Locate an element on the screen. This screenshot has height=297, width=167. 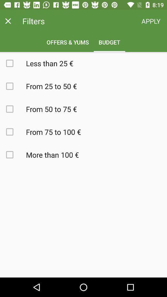
offers in this price range is located at coordinates (13, 132).